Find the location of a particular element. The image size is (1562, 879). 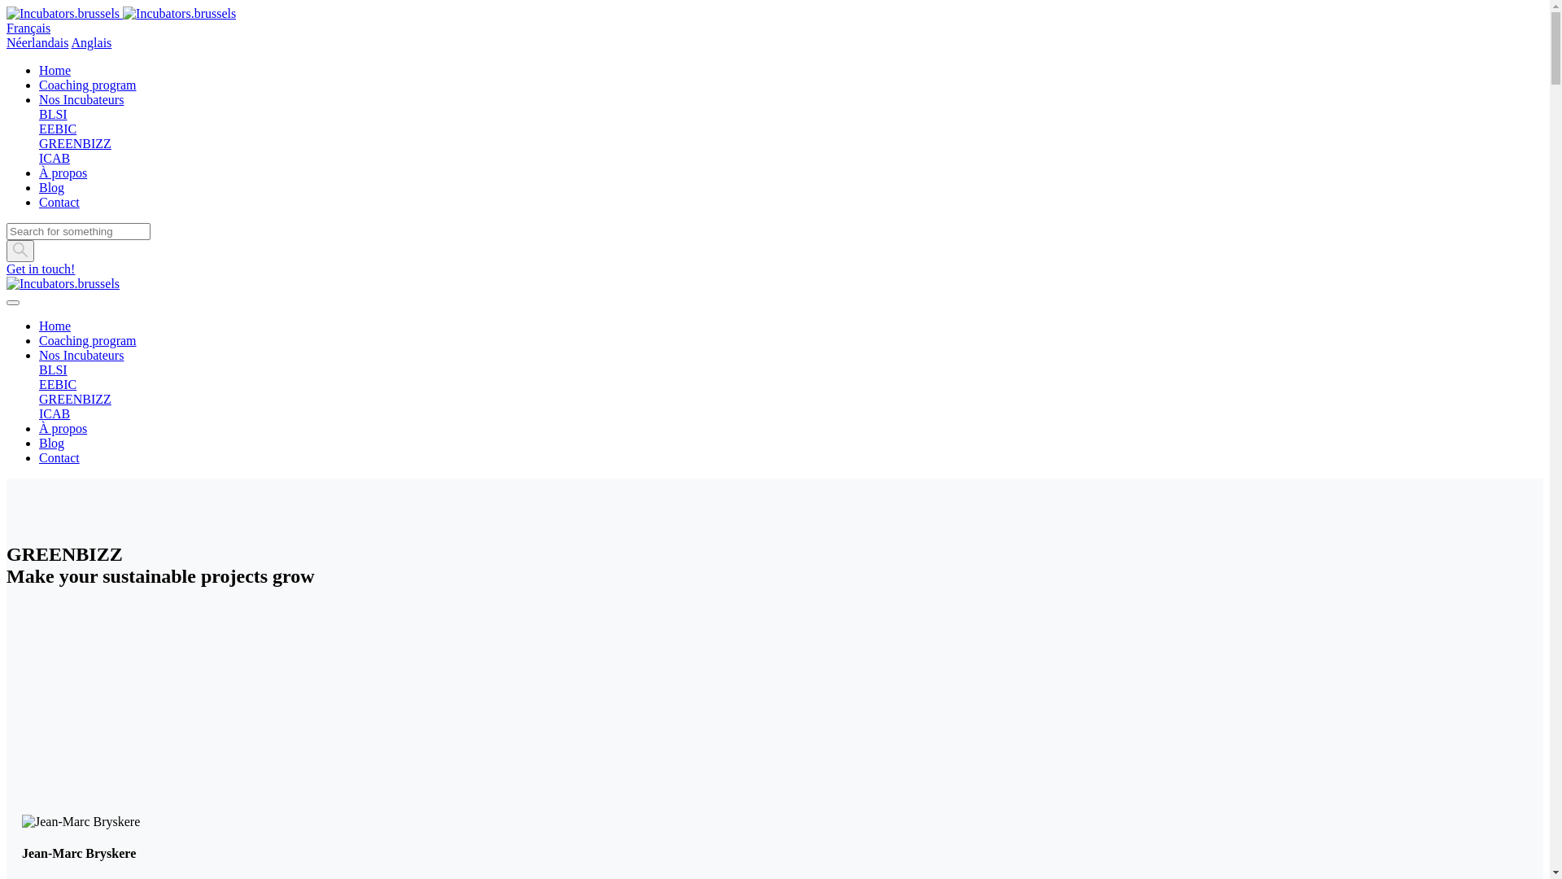

'BLSI' is located at coordinates (53, 113).